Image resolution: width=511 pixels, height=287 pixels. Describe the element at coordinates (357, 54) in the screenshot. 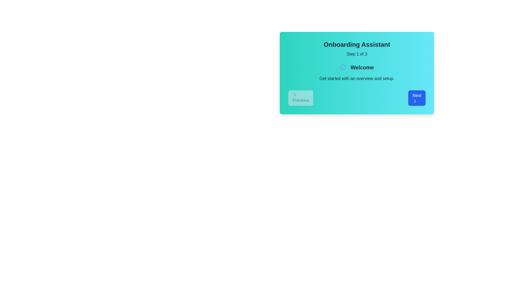

I see `text displayed in the Text Display element that shows 'Step 1 of 3', located below the 'Onboarding Assistant' in the modal header` at that location.